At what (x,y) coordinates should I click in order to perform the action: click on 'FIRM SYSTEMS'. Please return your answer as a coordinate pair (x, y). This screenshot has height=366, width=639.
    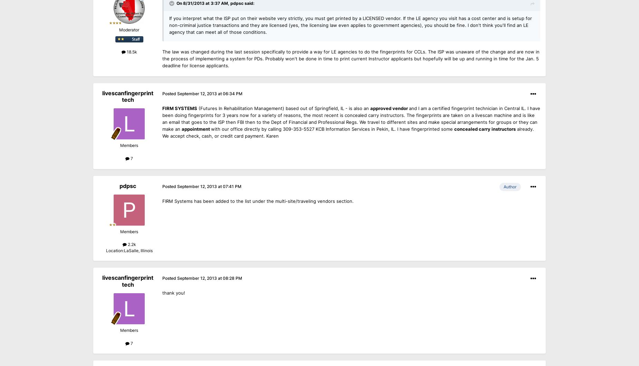
    Looking at the image, I should click on (180, 108).